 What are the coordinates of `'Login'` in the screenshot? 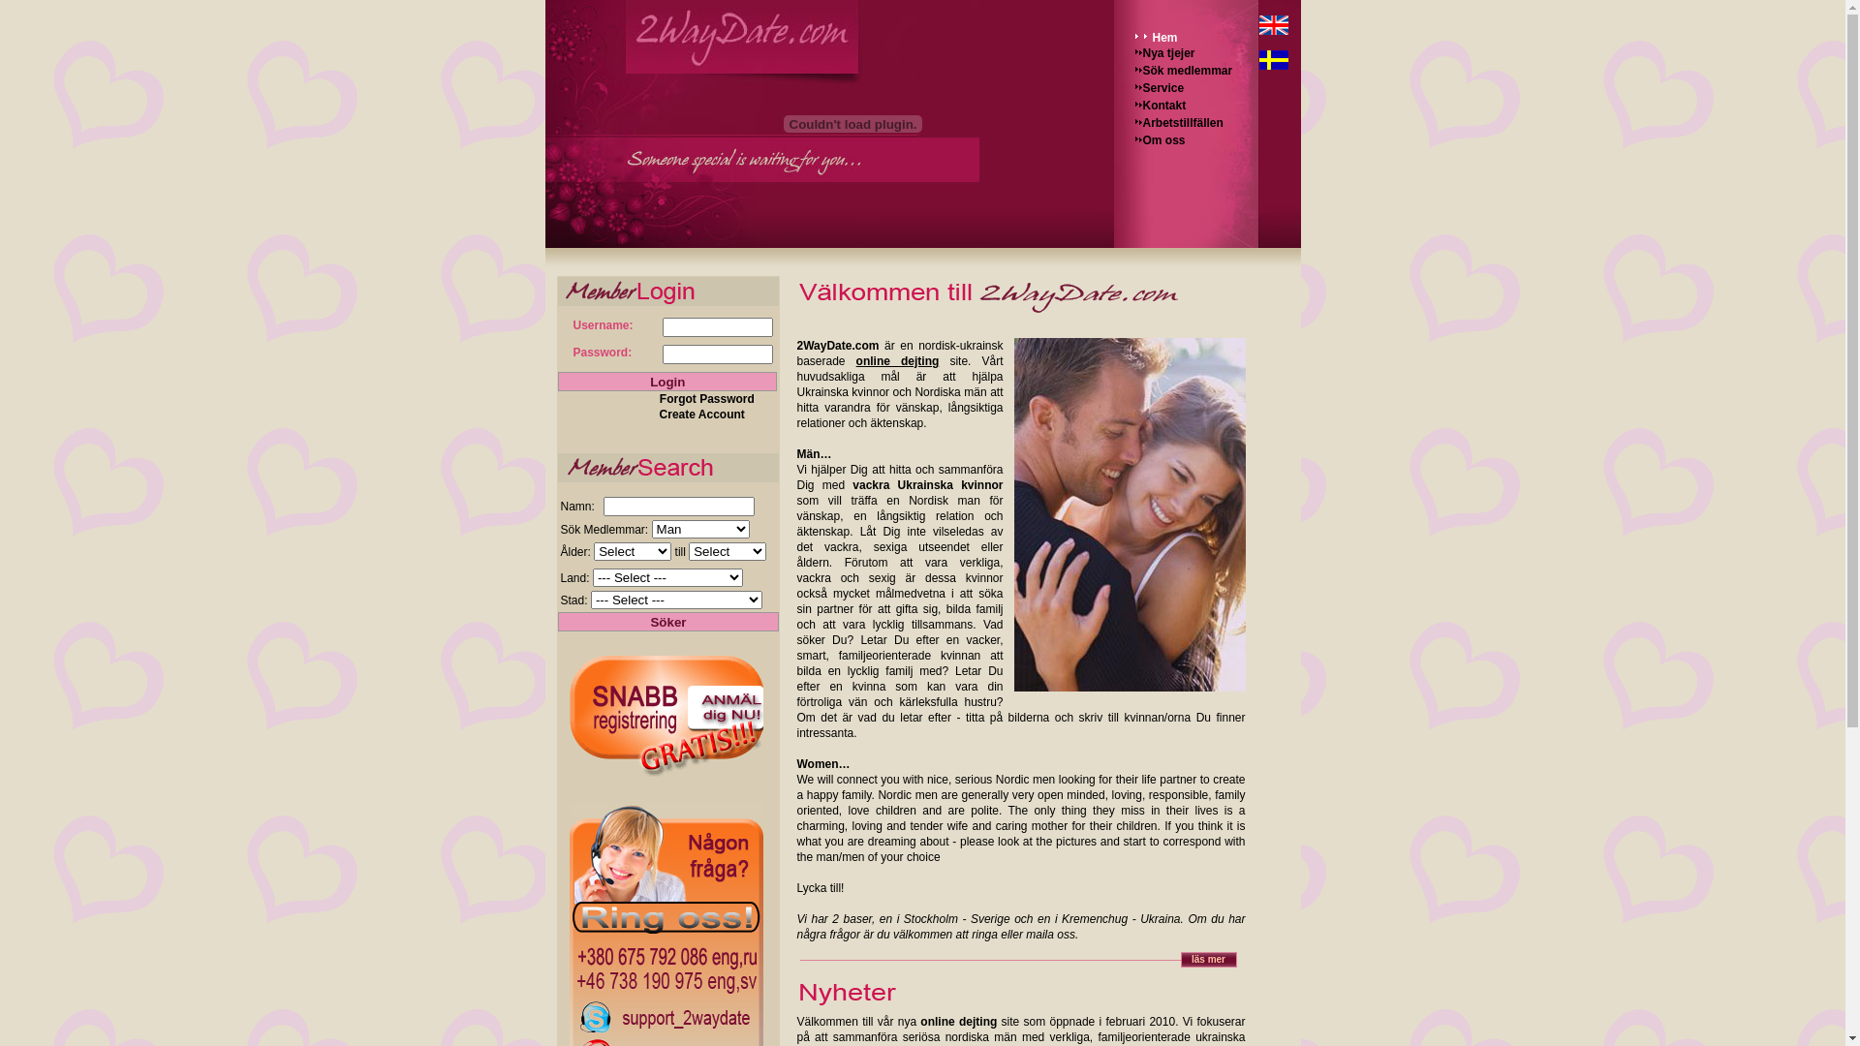 It's located at (667, 381).